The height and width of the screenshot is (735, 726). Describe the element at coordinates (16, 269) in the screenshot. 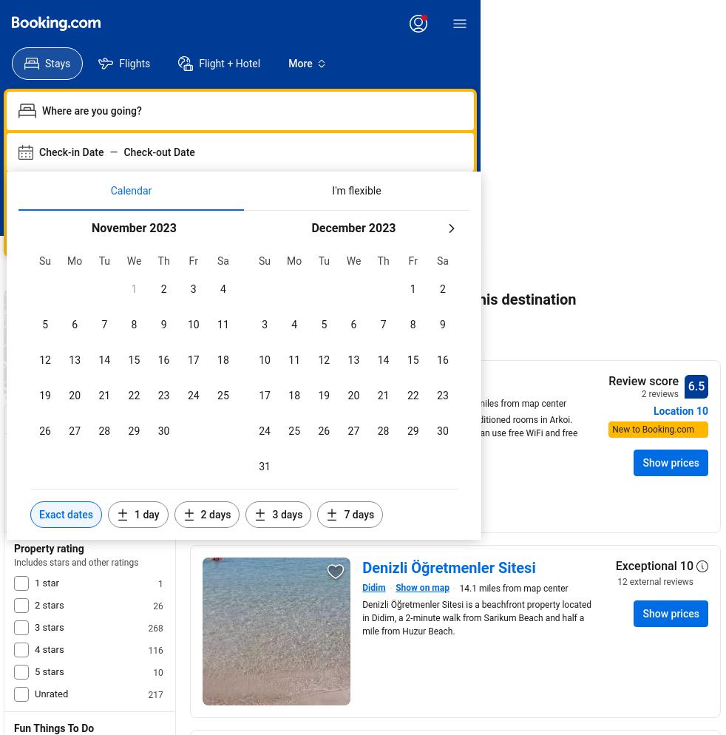

I see `'Home'` at that location.